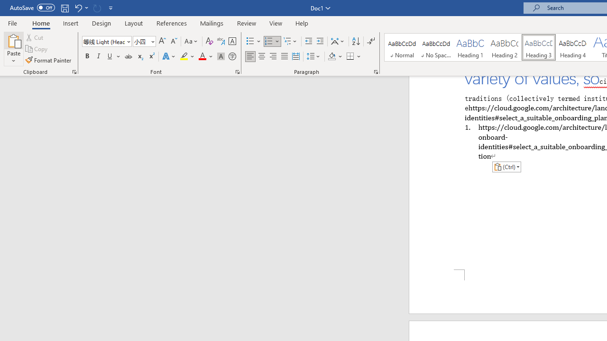 The image size is (607, 341). What do you see at coordinates (338, 41) in the screenshot?
I see `'Asian Layout'` at bounding box center [338, 41].